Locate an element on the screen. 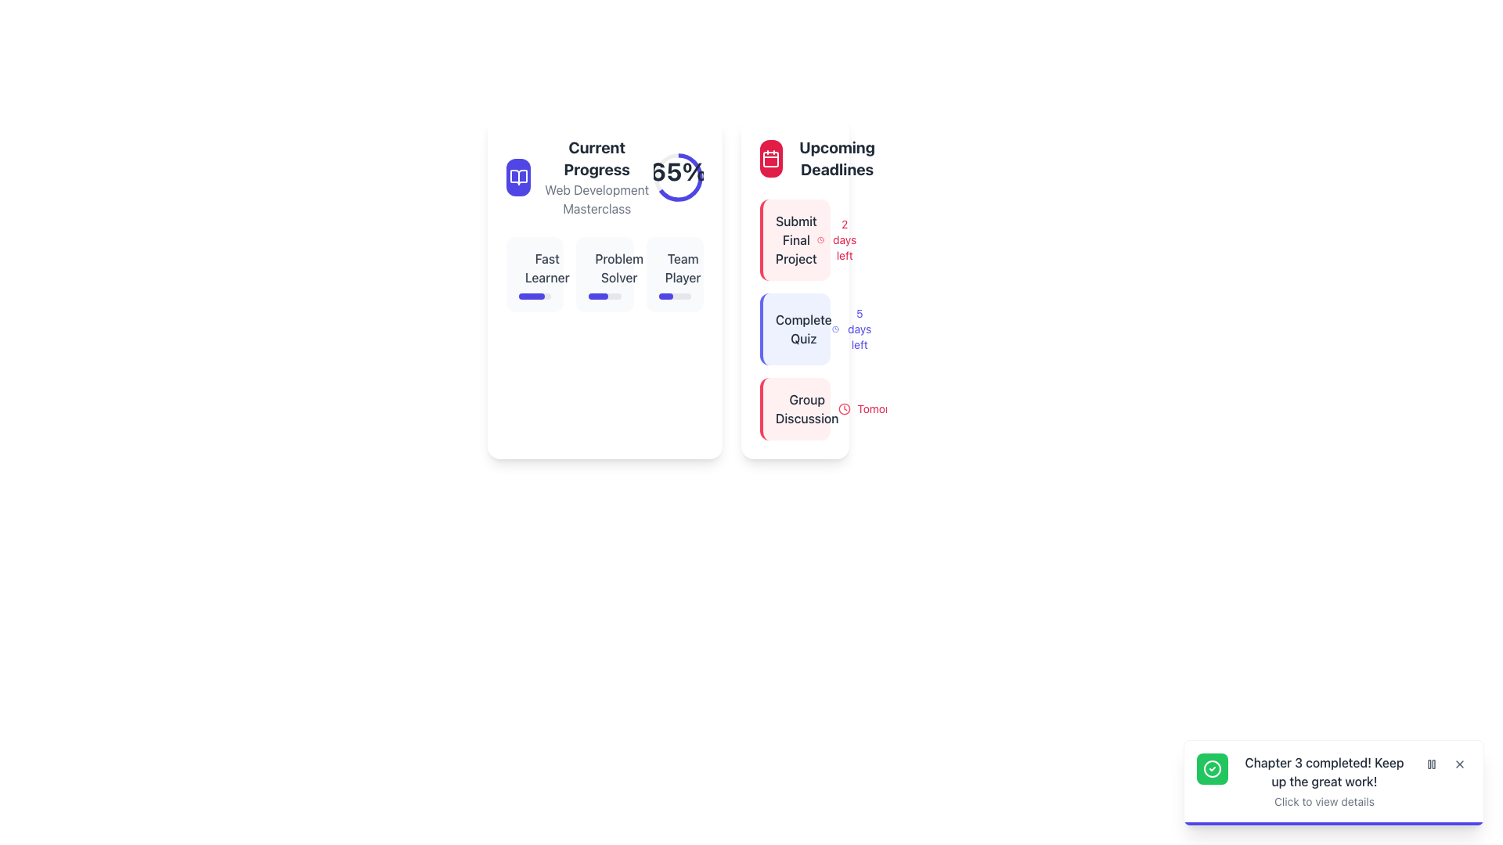  the Circular progress indicator located in the 'Current Progress' card, positioned near the top right alongside the 'Current Progress' label is located at coordinates (679, 177).